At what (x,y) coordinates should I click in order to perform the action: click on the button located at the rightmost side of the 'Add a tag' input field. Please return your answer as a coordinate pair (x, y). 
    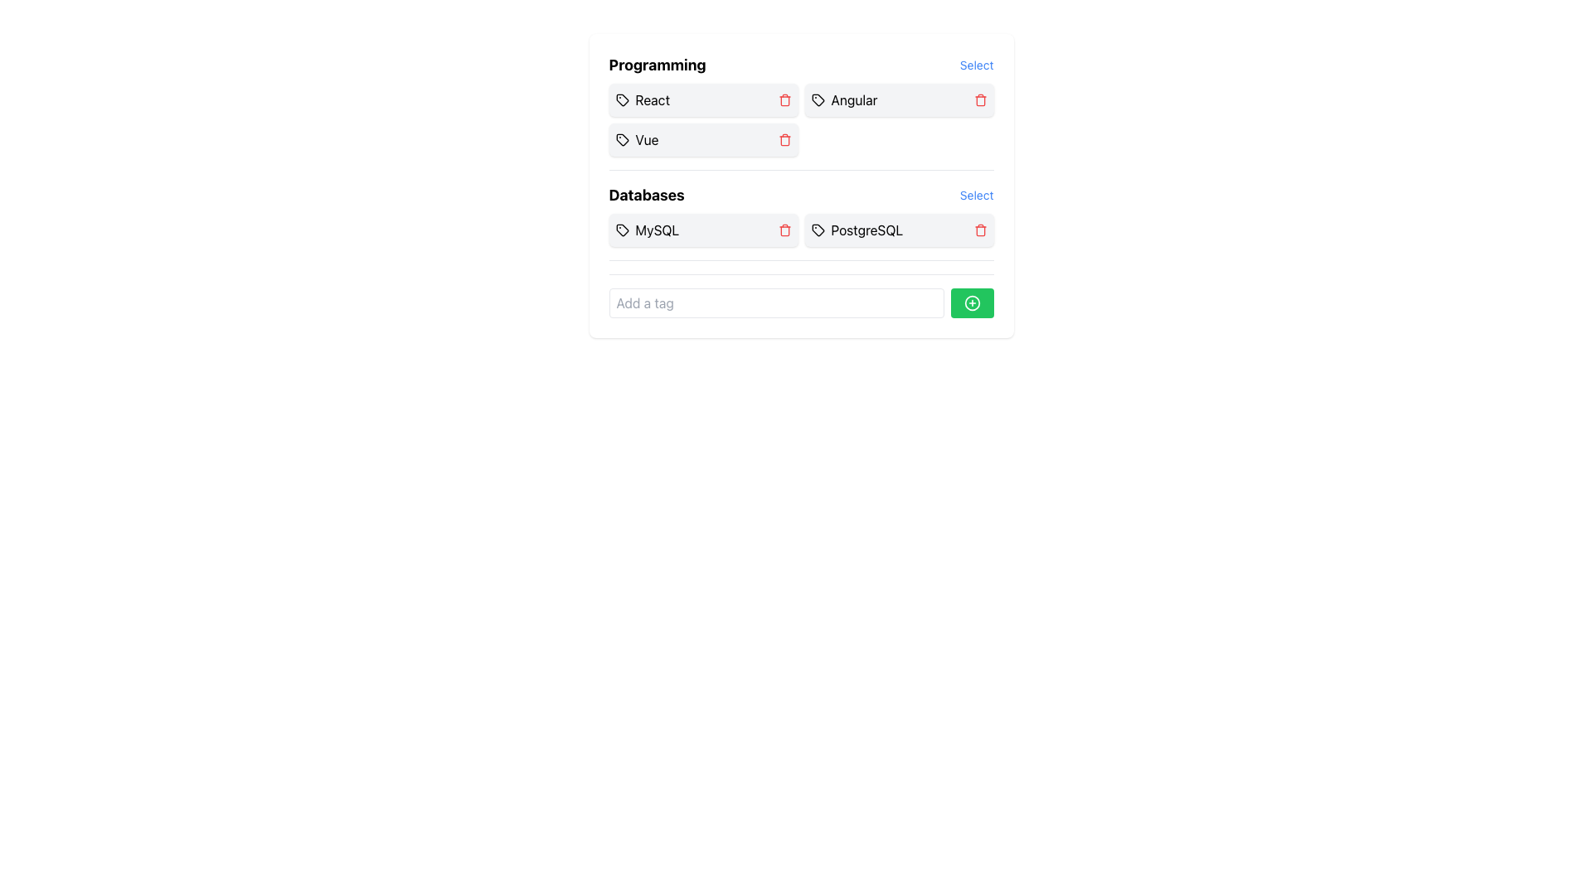
    Looking at the image, I should click on (972, 303).